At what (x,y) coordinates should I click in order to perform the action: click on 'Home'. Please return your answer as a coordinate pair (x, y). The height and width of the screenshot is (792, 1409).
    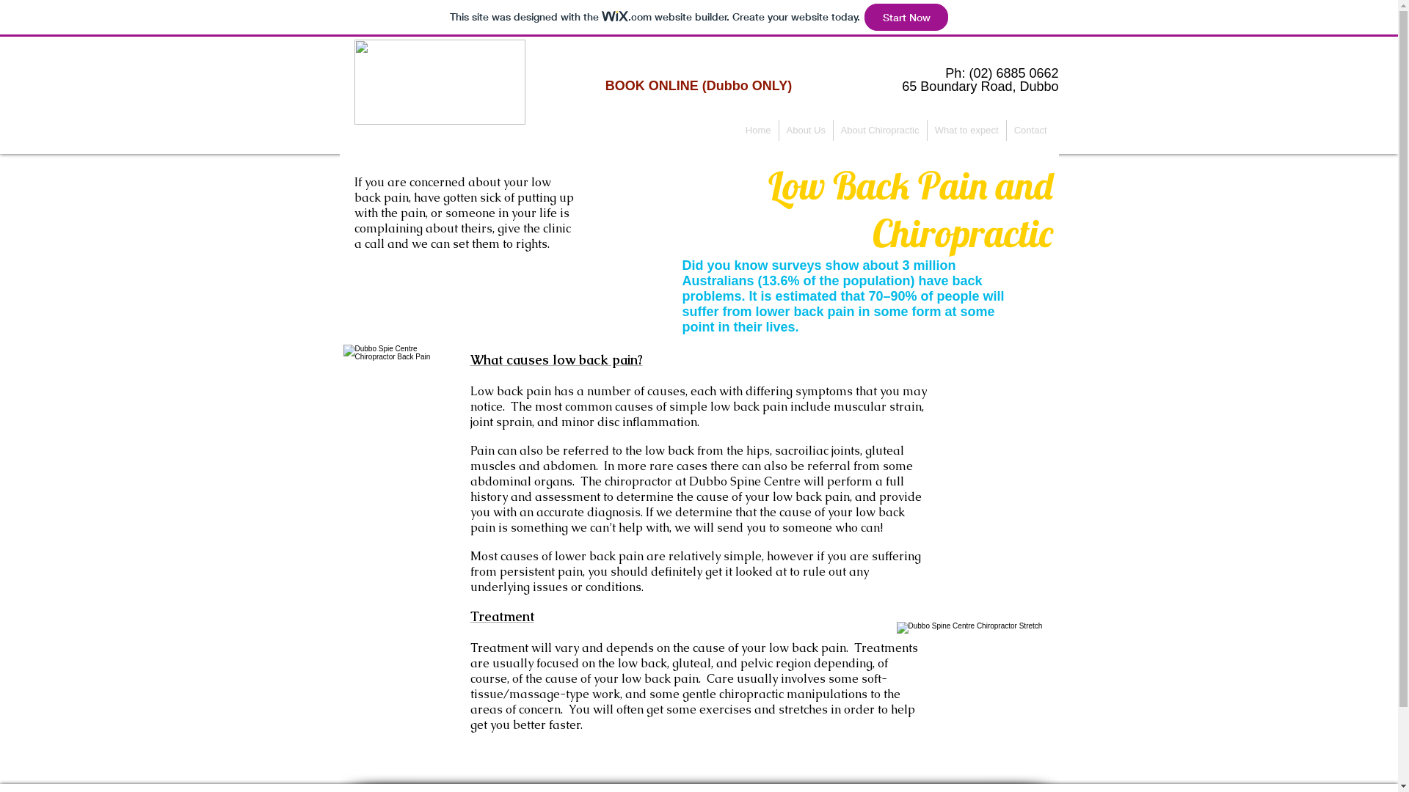
    Looking at the image, I should click on (758, 129).